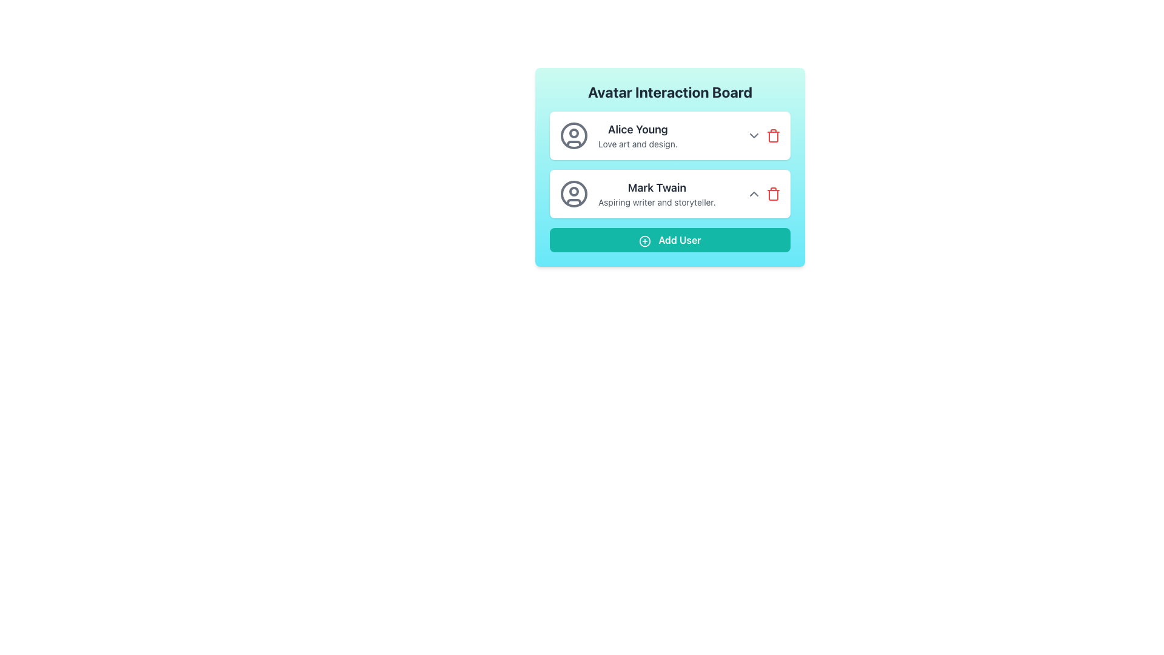  What do you see at coordinates (573, 193) in the screenshot?
I see `the outermost circular border of the avatar icon for user 'Mark Twain', which is styled in a neutral color and has a 10-pixel radius` at bounding box center [573, 193].